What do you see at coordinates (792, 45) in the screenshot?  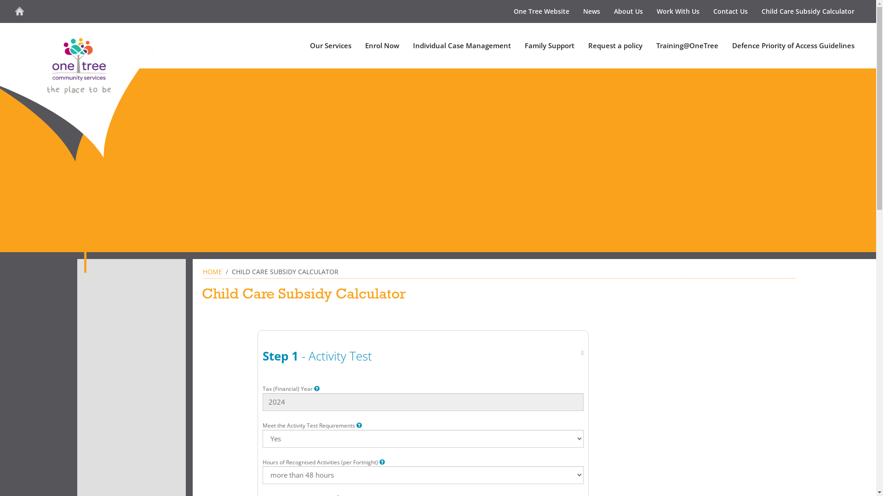 I see `'Defence Priority of Access Guidelines'` at bounding box center [792, 45].